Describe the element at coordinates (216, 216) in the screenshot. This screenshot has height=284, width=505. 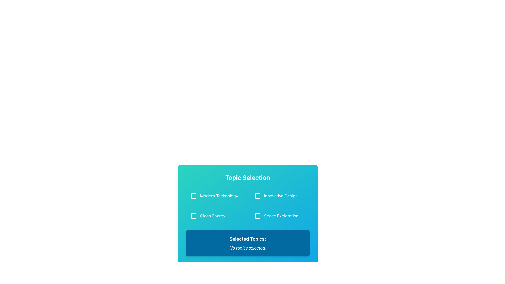
I see `the 'Clean Energy' selectable item located in the lower-left quadrant of the grid layout` at that location.